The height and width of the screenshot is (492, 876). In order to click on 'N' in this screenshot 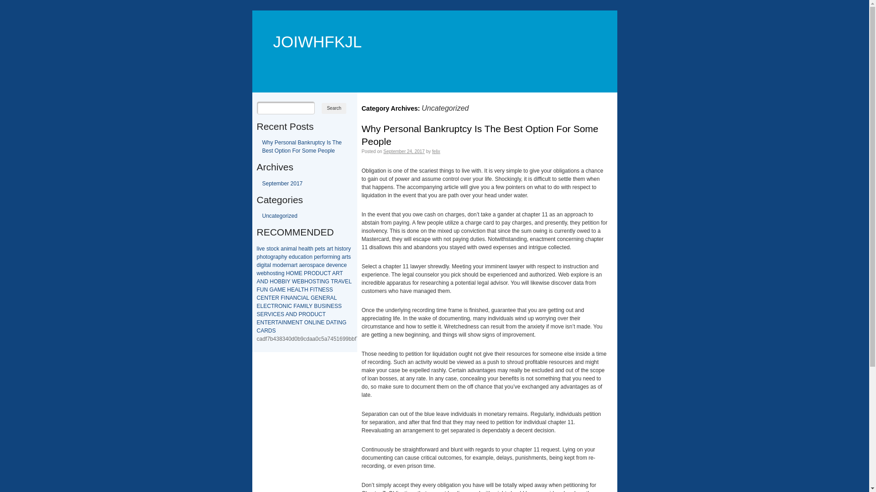, I will do `click(266, 290)`.